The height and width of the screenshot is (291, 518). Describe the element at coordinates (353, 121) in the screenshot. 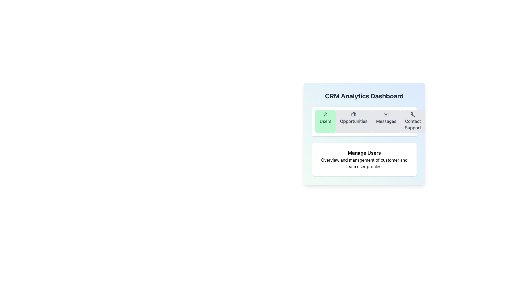

I see `the text label displaying 'Opportunities' located within the second button from the left in the horizontal navigation bar, which has a gray background and is emphasized by its styling` at that location.